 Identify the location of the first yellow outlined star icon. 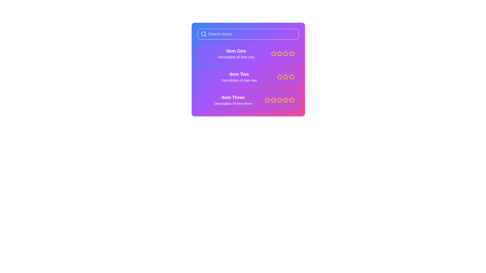
(273, 54).